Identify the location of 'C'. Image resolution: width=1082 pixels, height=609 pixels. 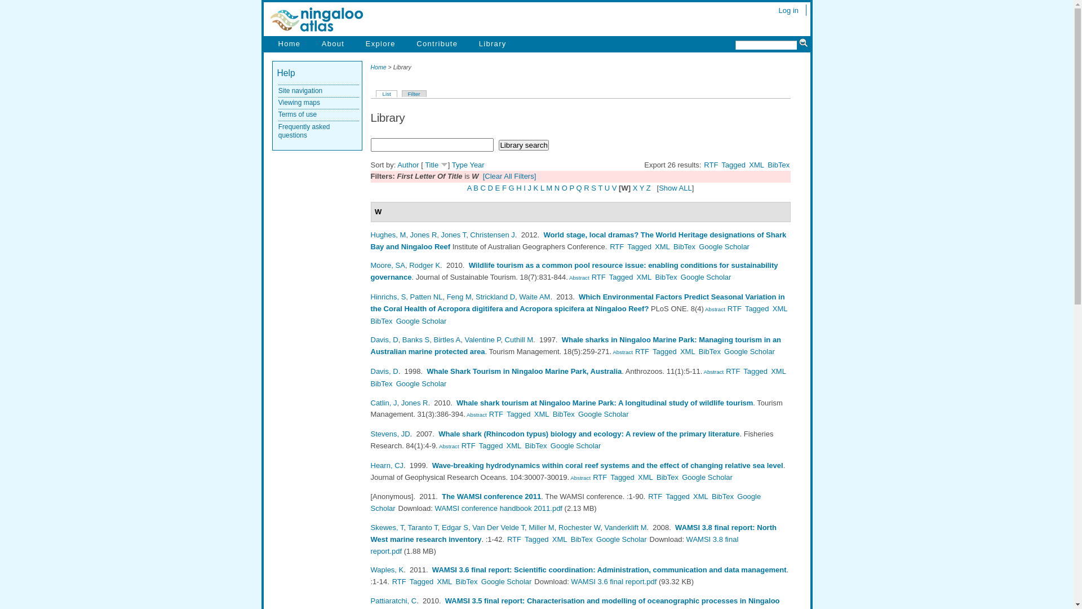
(483, 187).